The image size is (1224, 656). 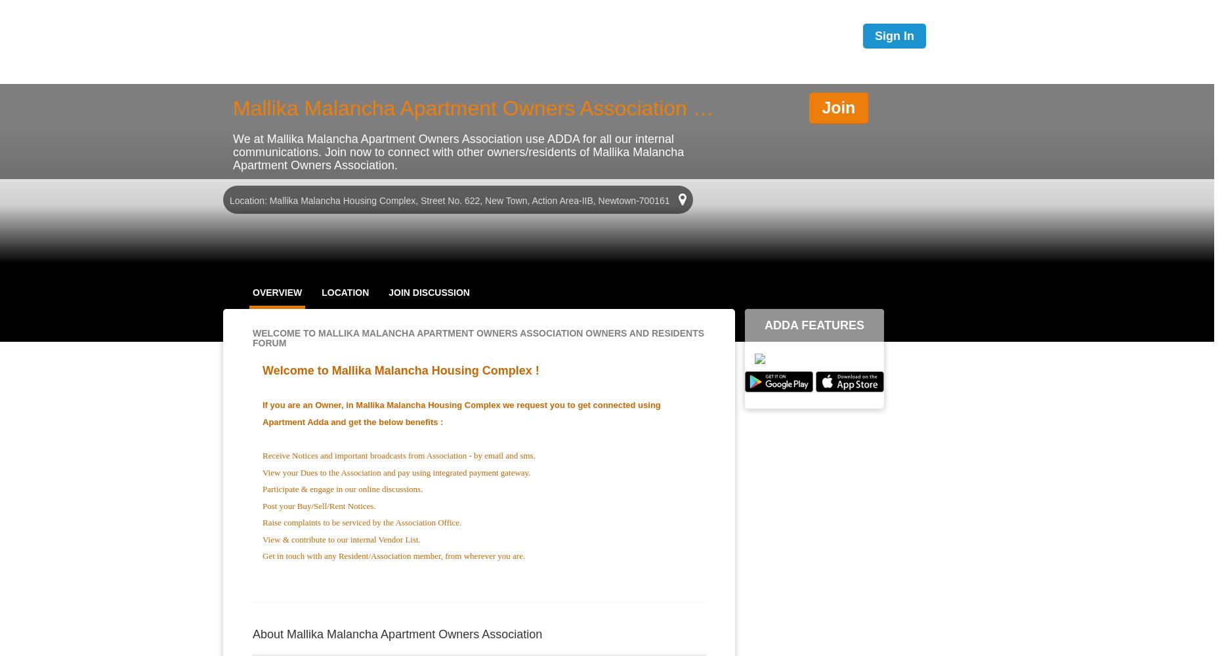 I want to click on 'Join', so click(x=837, y=108).